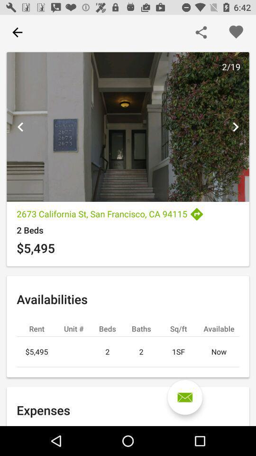 This screenshot has width=256, height=456. Describe the element at coordinates (185, 397) in the screenshot. I see `the icon below the 2 icon` at that location.